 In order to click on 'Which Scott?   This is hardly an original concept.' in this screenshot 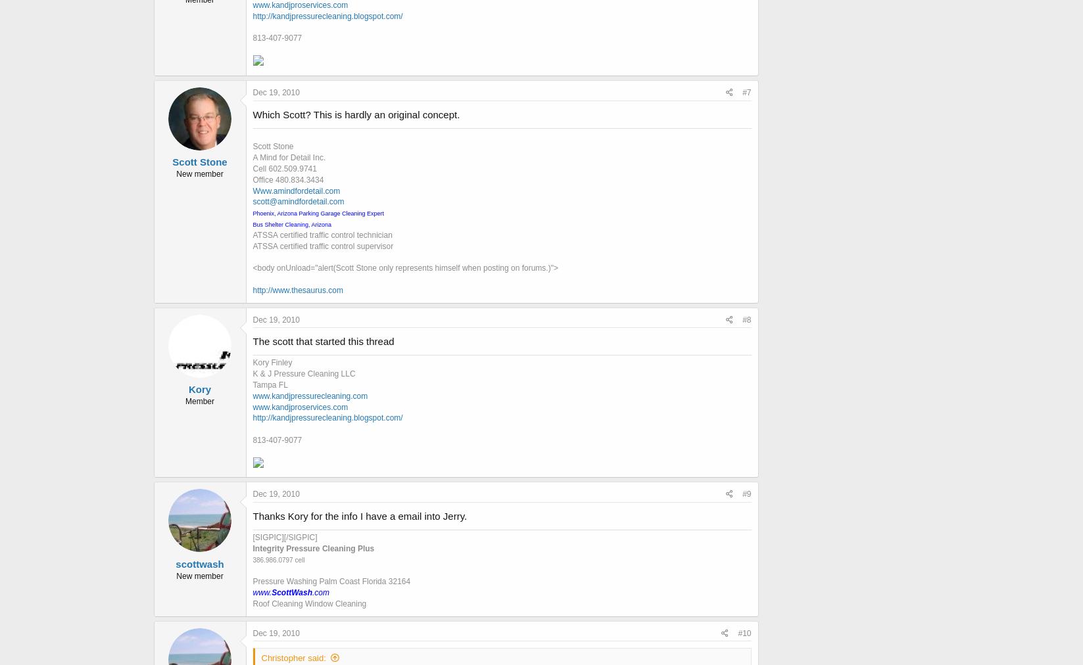, I will do `click(253, 114)`.